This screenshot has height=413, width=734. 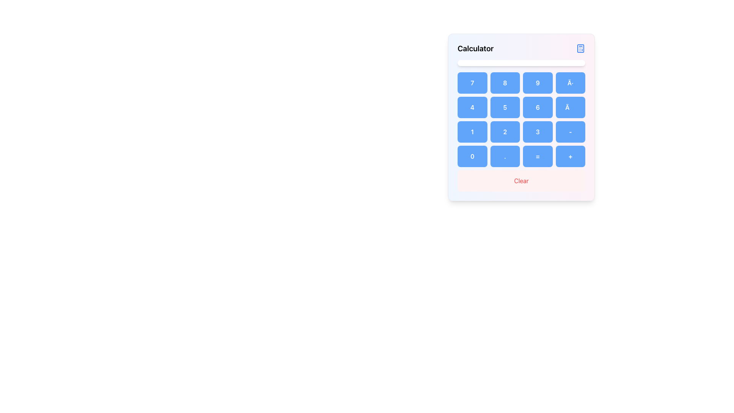 I want to click on the equals button located in the last row and third column of the calculator keypad to compute the expression, so click(x=537, y=156).